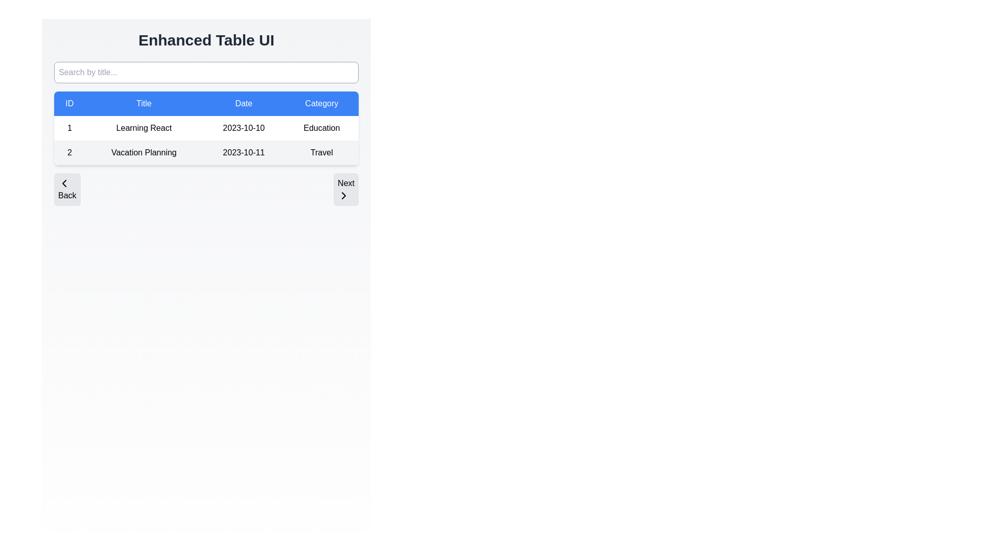  Describe the element at coordinates (346, 189) in the screenshot. I see `the 'Next' button, which is a rectangular button with rounded corners, light grey background, and a right-facing chevron icon, positioned in the bottom-right corner of the navigation group` at that location.